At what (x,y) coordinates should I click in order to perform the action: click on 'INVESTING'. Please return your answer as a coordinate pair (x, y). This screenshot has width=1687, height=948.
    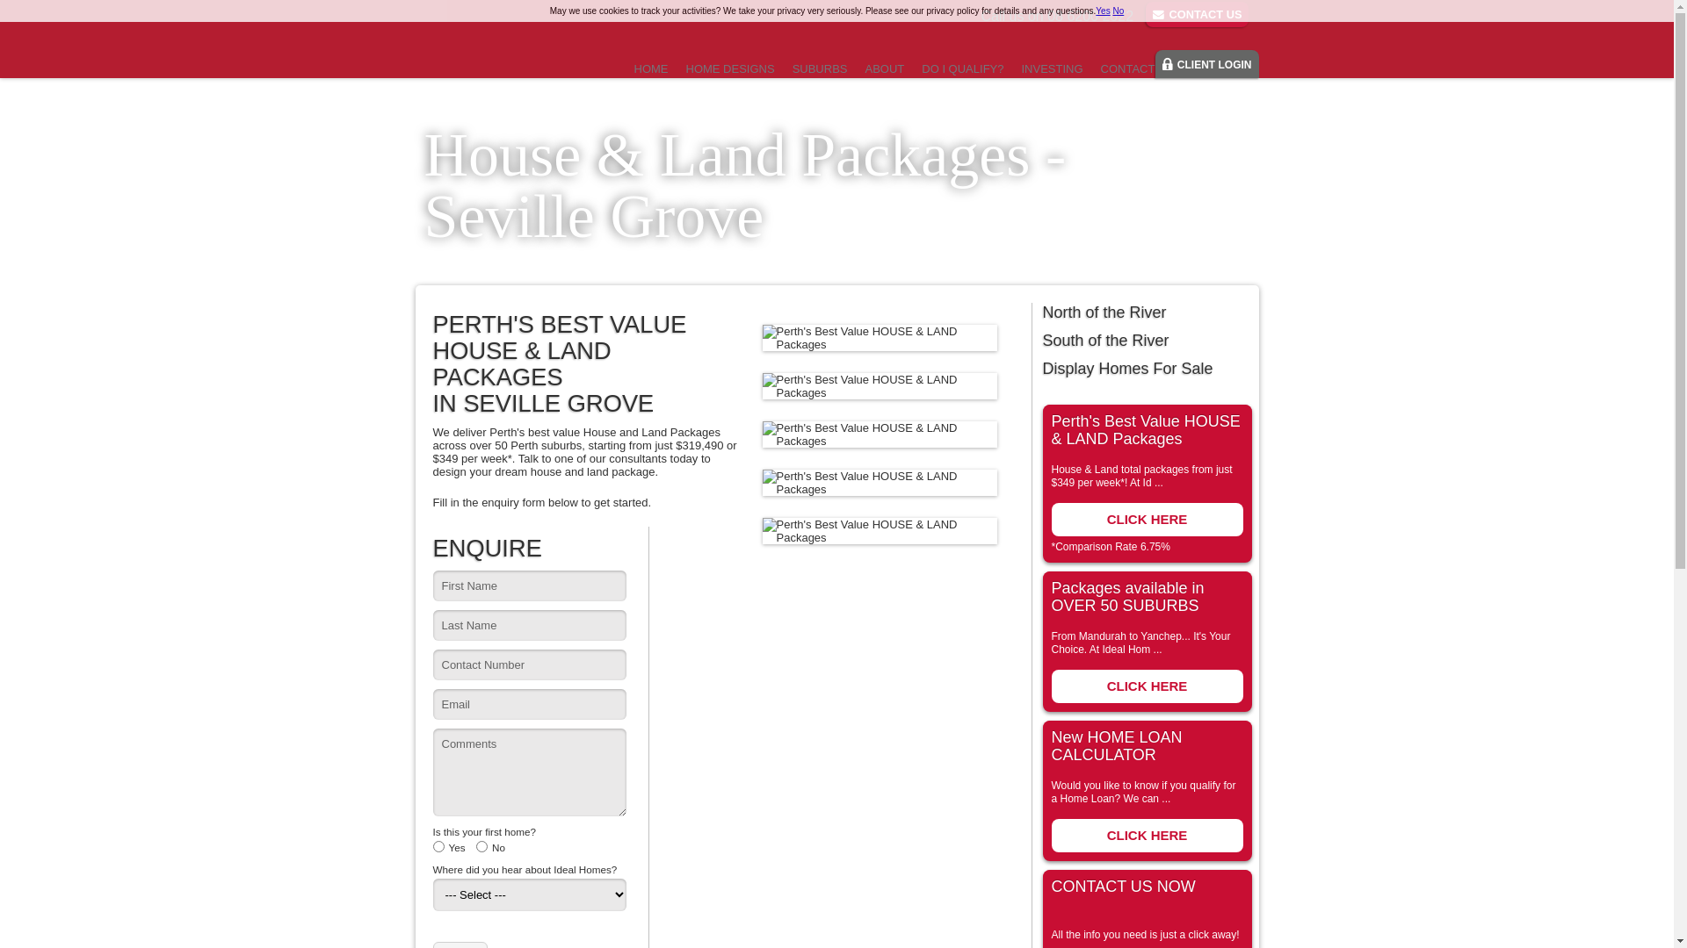
    Looking at the image, I should click on (1051, 68).